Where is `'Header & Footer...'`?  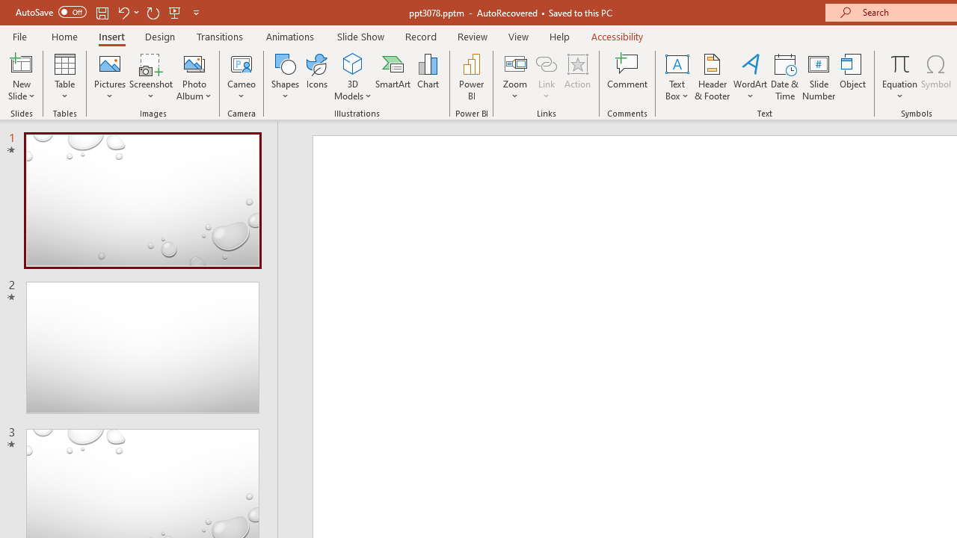
'Header & Footer...' is located at coordinates (711, 77).